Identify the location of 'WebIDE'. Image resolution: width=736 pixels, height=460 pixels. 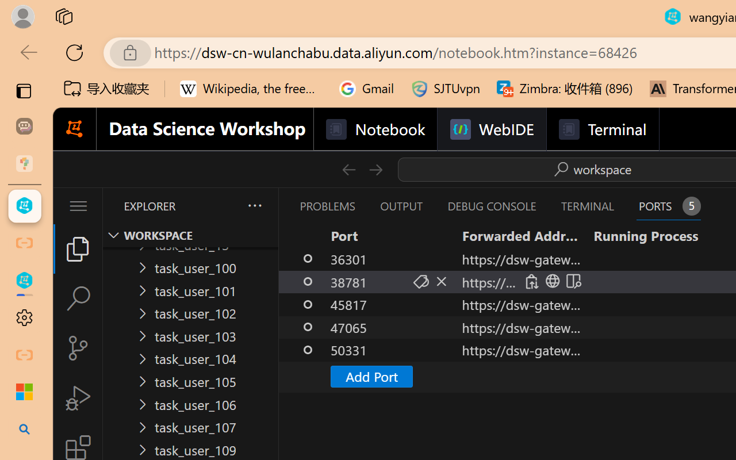
(492, 129).